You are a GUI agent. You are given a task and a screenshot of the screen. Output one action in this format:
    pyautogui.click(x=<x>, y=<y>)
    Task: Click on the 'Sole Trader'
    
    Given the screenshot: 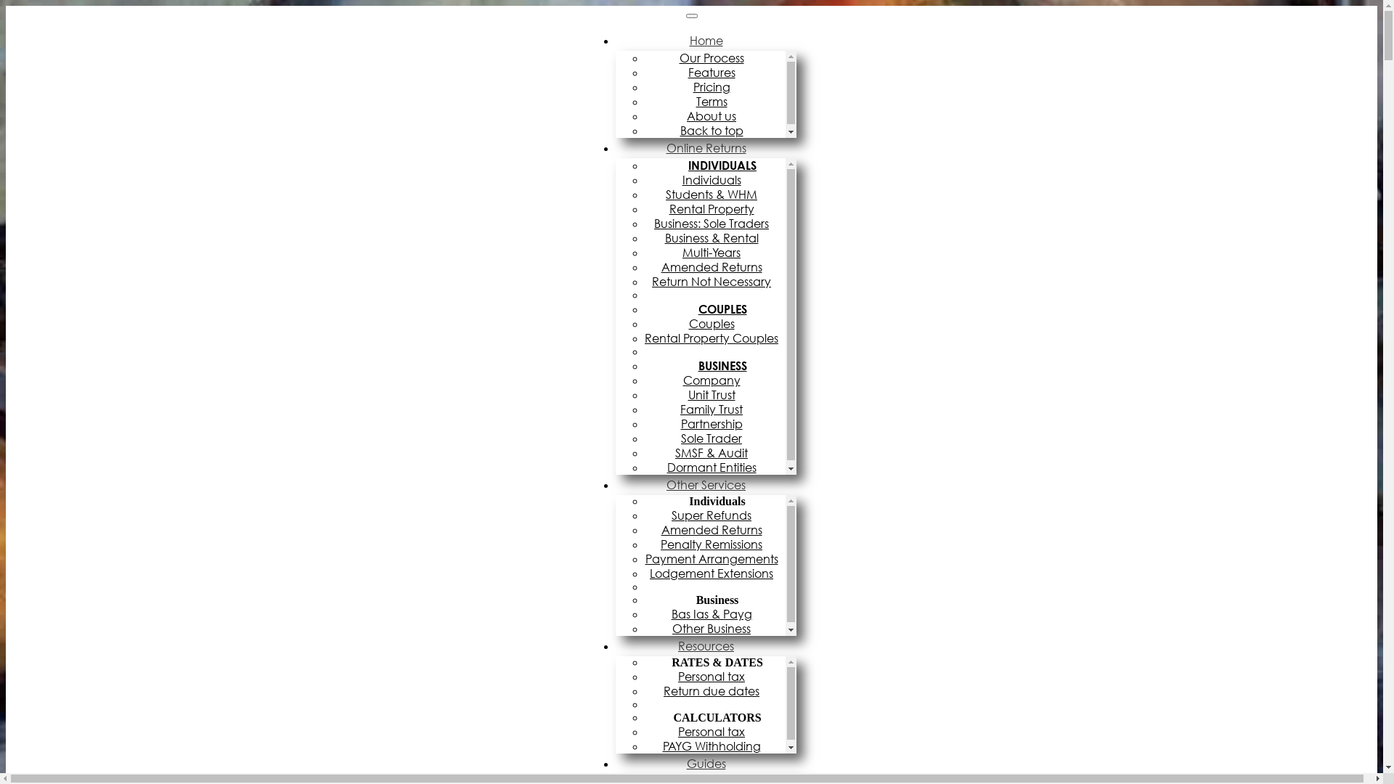 What is the action you would take?
    pyautogui.click(x=714, y=438)
    